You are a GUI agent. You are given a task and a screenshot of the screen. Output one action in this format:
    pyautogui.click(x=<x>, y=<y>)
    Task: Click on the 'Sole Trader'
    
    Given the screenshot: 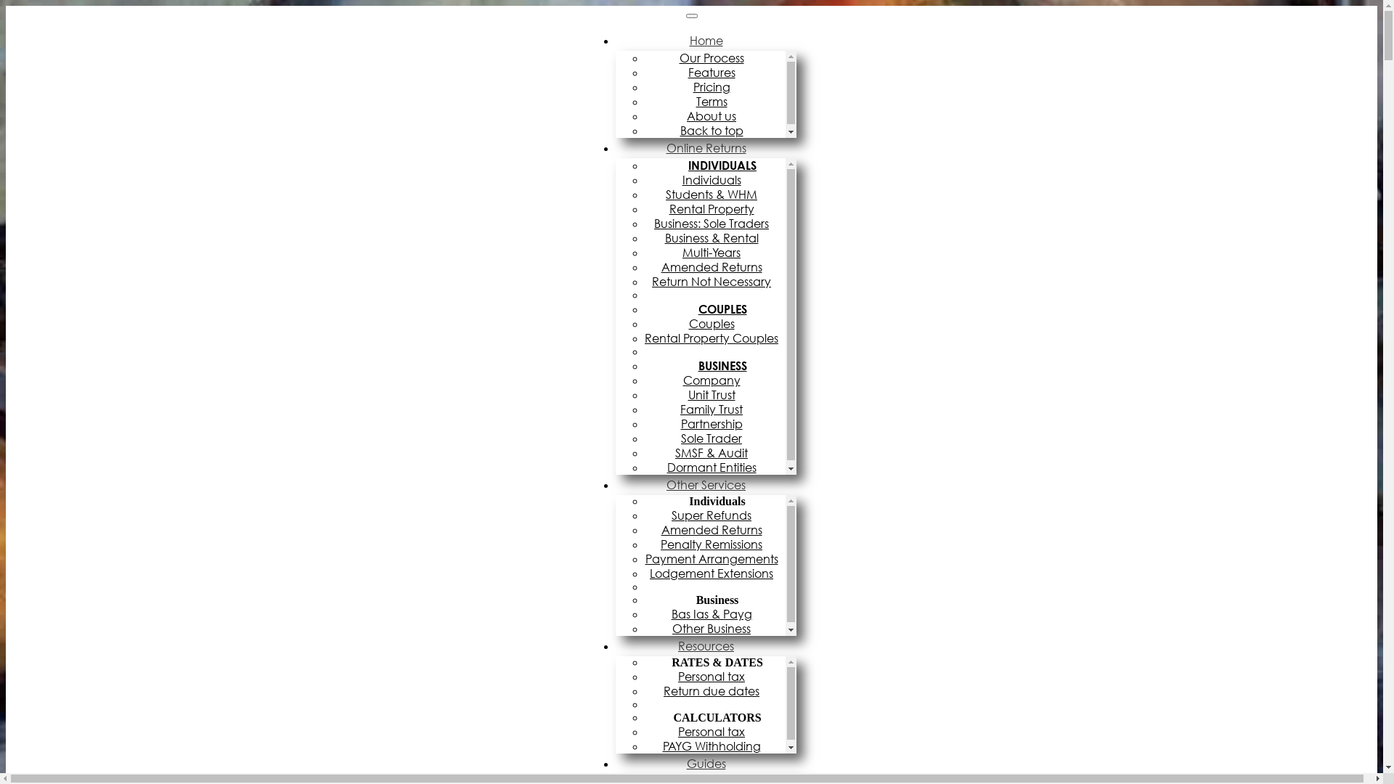 What is the action you would take?
    pyautogui.click(x=714, y=438)
    